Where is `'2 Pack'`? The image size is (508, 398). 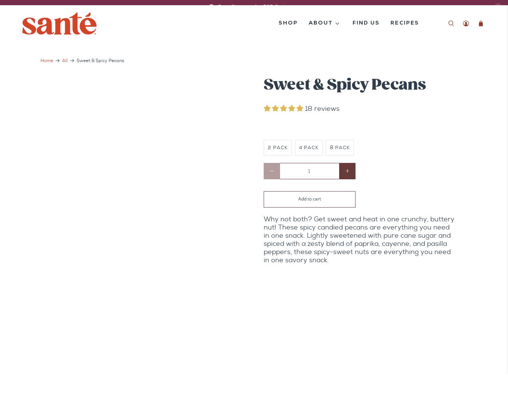
'2 Pack' is located at coordinates (278, 147).